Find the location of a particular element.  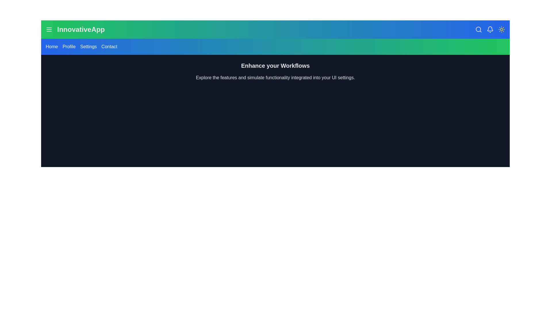

the navigation link Home to observe its hover effect is located at coordinates (52, 46).